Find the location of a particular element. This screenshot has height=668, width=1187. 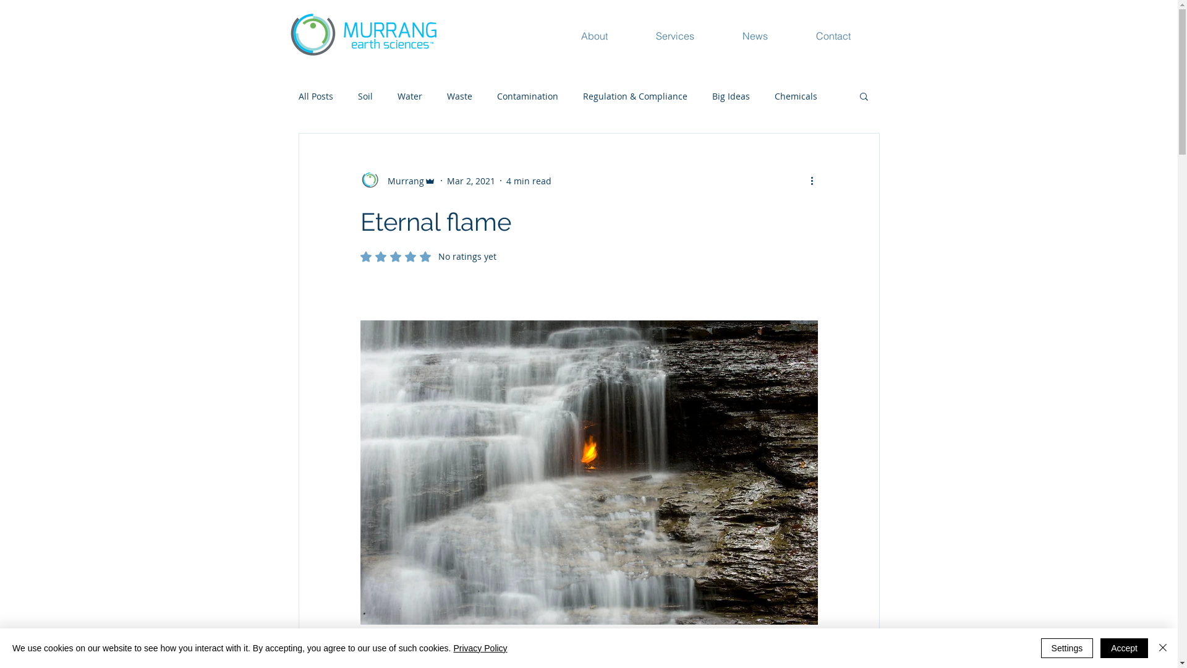

'Chemicals' is located at coordinates (795, 95).